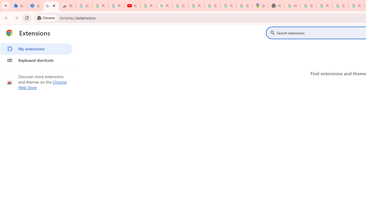  I want to click on 'https://scholar.google.com/', so click(292, 6).